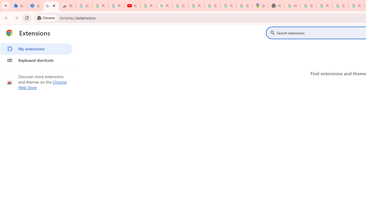  I want to click on 'https://scholar.google.com/', so click(292, 6).